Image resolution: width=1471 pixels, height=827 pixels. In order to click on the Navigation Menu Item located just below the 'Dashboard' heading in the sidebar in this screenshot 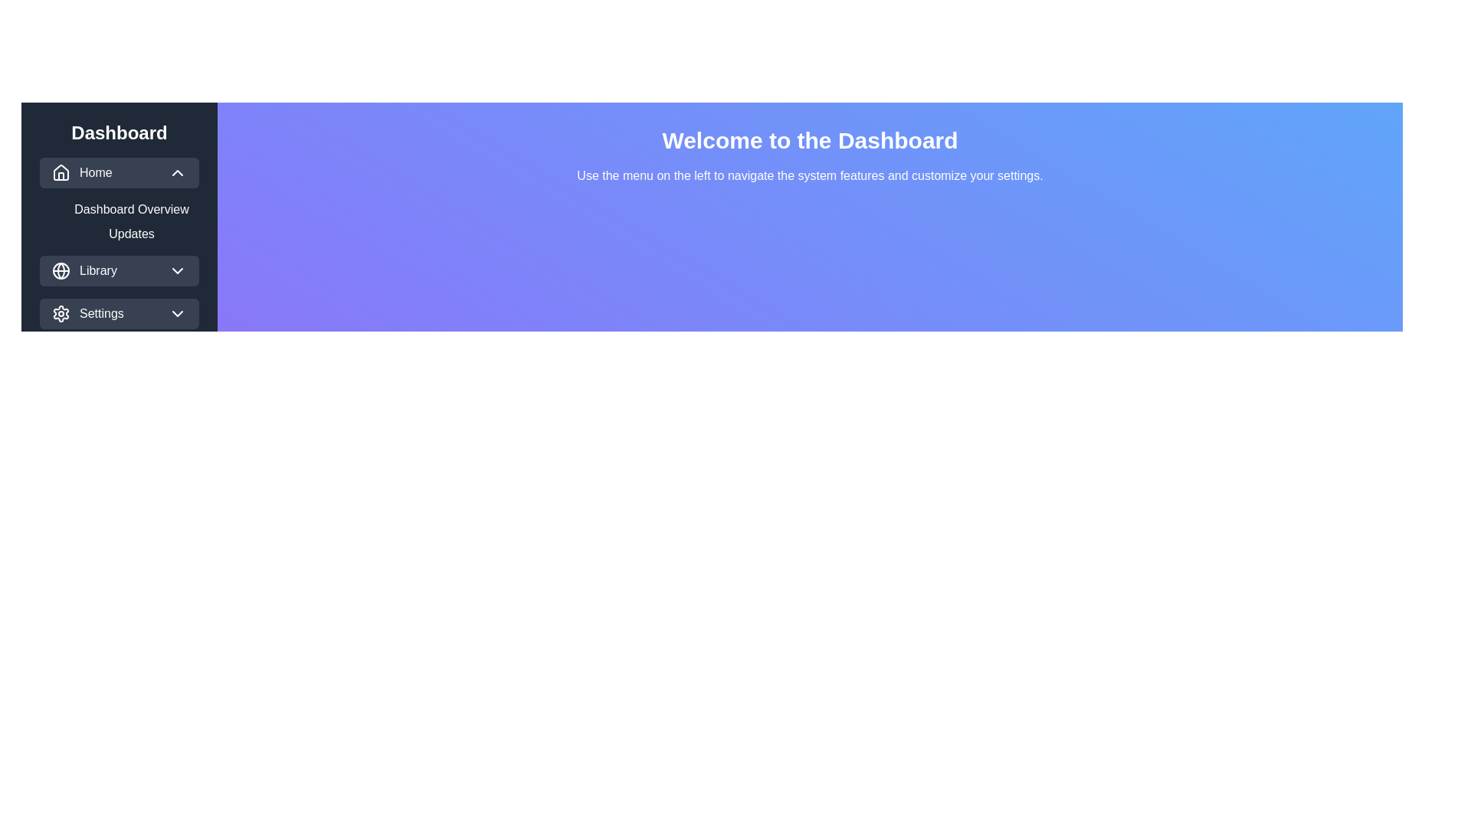, I will do `click(81, 172)`.